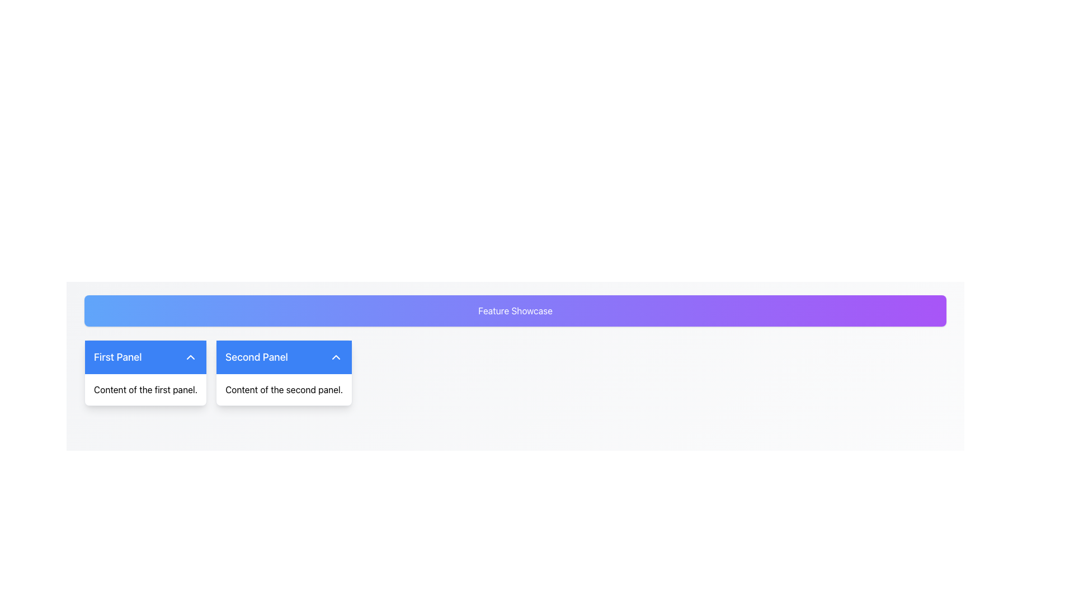  What do you see at coordinates (284, 389) in the screenshot?
I see `static text content located beneath the 'Second Panel' header in the dropdown, which provides detailed information relevant to user interaction` at bounding box center [284, 389].